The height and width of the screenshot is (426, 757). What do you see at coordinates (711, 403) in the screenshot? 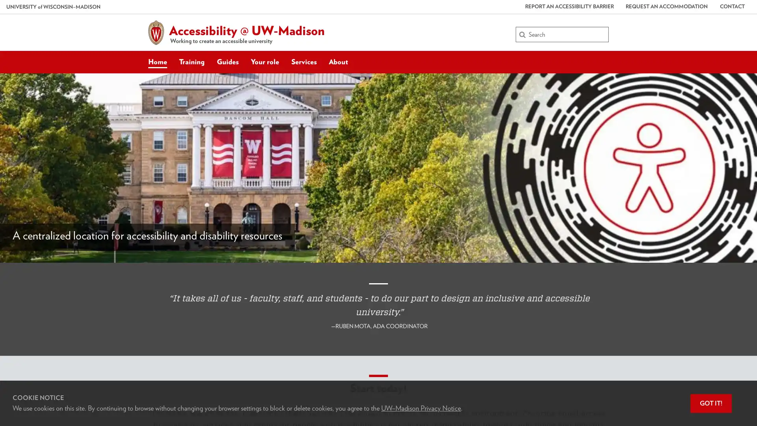
I see `Accept cookie notice` at bounding box center [711, 403].